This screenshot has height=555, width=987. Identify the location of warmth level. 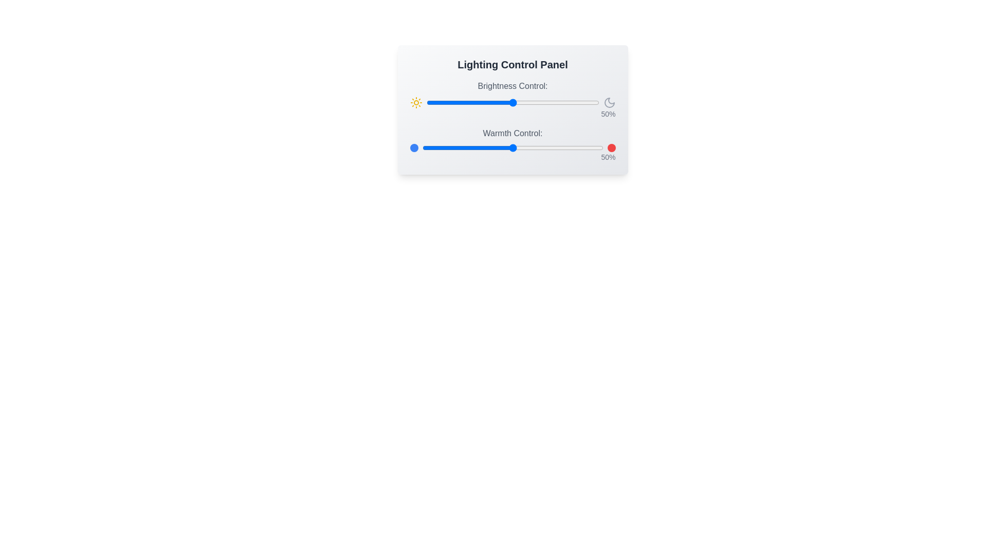
(516, 148).